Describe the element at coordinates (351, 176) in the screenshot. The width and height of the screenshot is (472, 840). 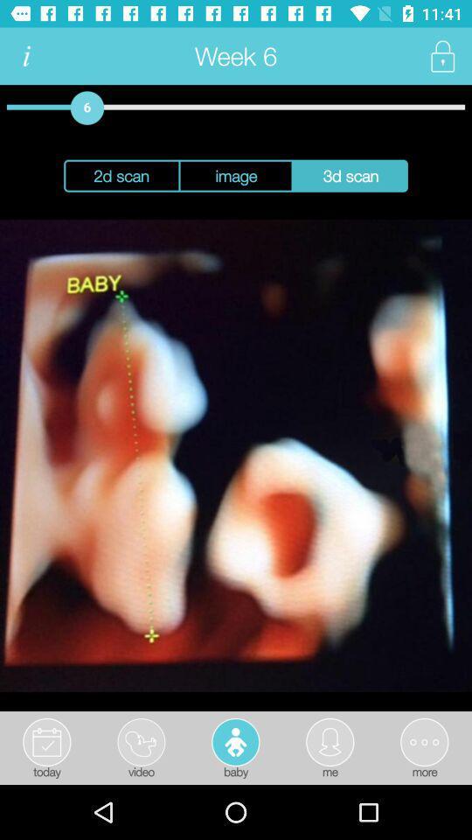
I see `the button next to image button` at that location.